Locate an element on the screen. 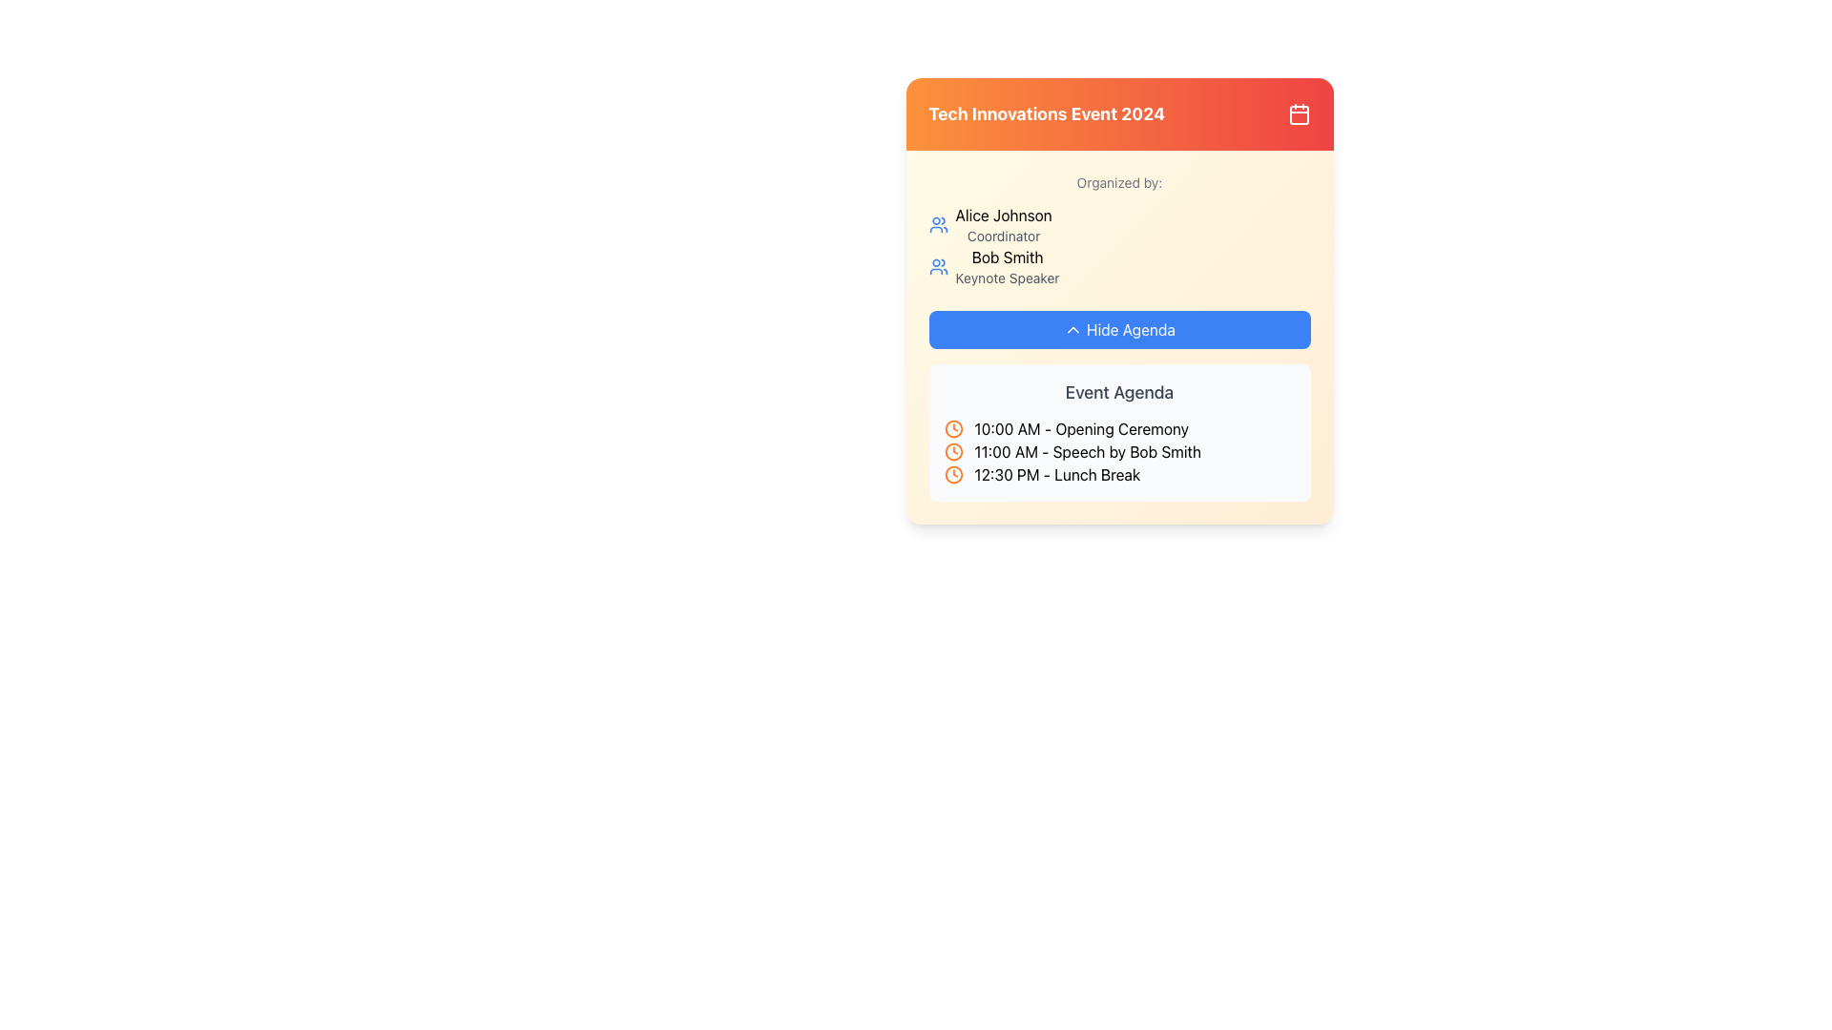  the static text label element displaying 'Coordinator', which is positioned below 'Alice Johnson' in the 'Organized by' section of the interface is located at coordinates (1003, 235).